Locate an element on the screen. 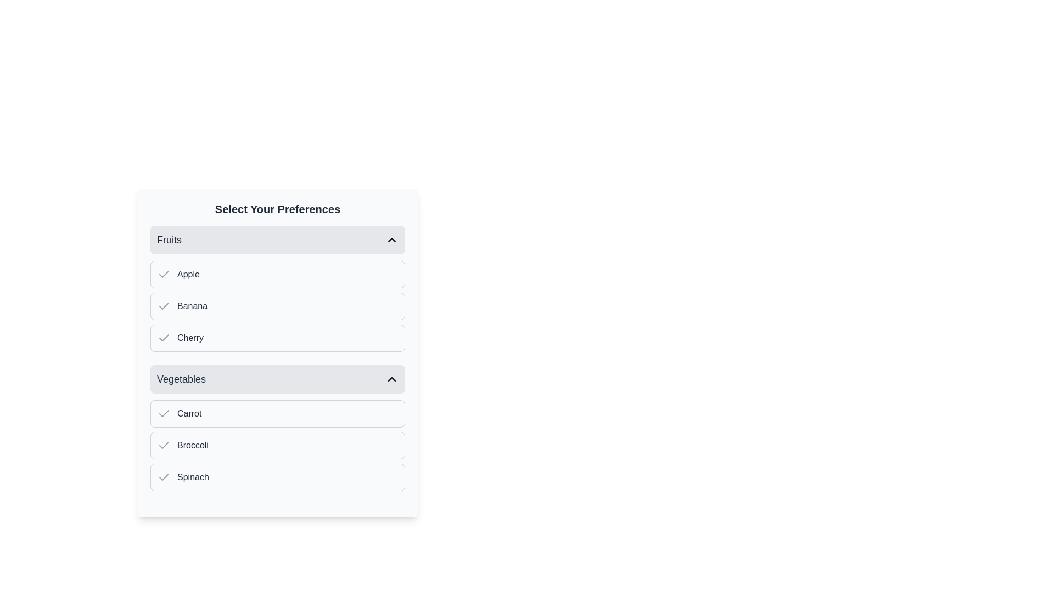 The image size is (1054, 592). the text label displaying 'Broccoli' within the 'Vegetables' section of the selectable list item is located at coordinates (193, 446).